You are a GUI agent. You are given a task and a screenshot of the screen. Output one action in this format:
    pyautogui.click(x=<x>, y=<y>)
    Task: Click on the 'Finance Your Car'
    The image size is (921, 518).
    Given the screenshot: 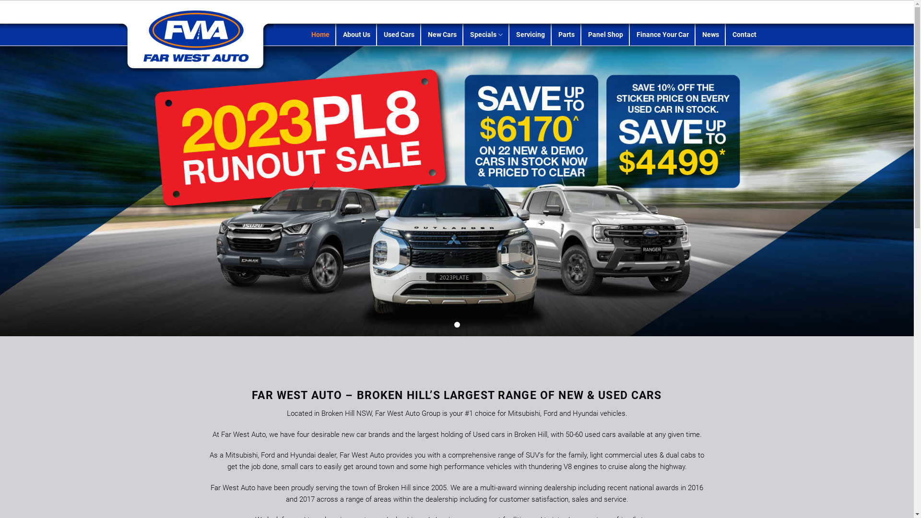 What is the action you would take?
    pyautogui.click(x=636, y=34)
    